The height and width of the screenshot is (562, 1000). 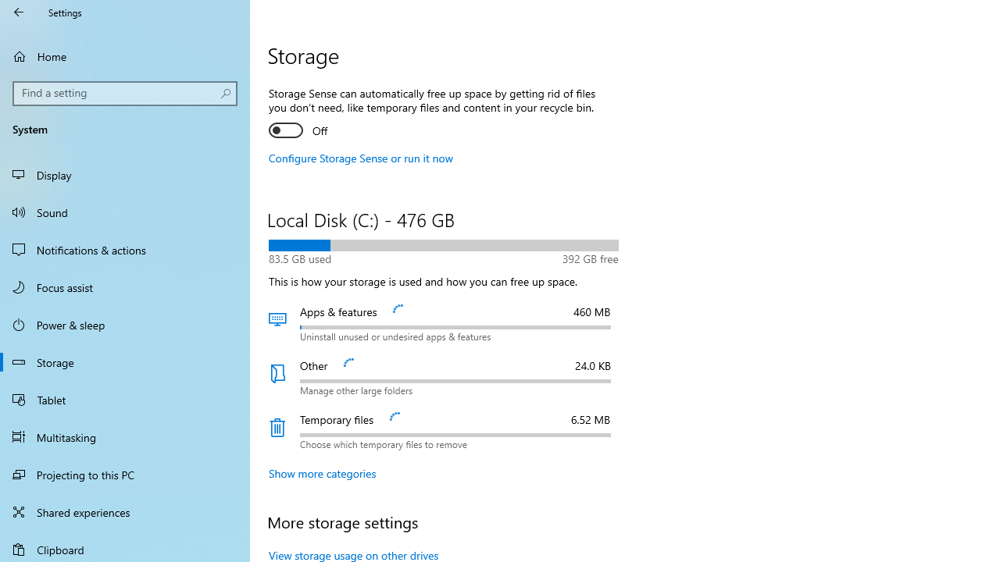 What do you see at coordinates (125, 93) in the screenshot?
I see `'Search box, Find a setting'` at bounding box center [125, 93].